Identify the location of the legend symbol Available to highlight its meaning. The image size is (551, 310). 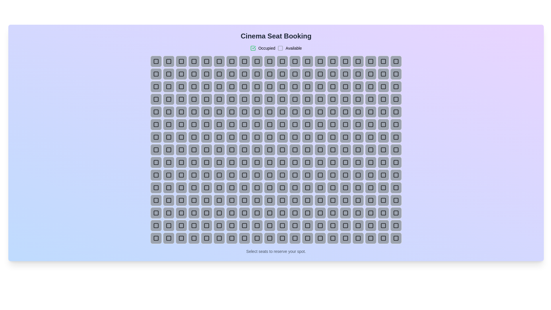
(280, 48).